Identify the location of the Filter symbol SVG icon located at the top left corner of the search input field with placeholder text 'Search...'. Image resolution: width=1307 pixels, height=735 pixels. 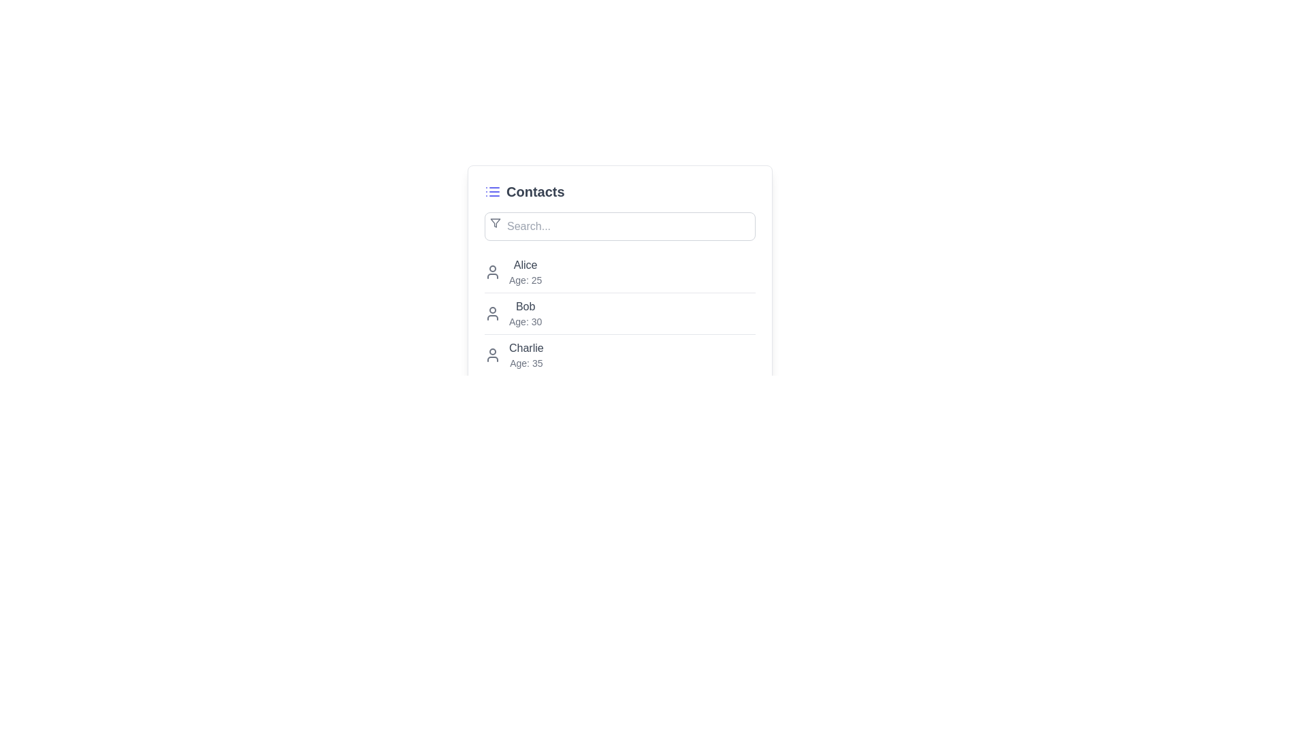
(495, 222).